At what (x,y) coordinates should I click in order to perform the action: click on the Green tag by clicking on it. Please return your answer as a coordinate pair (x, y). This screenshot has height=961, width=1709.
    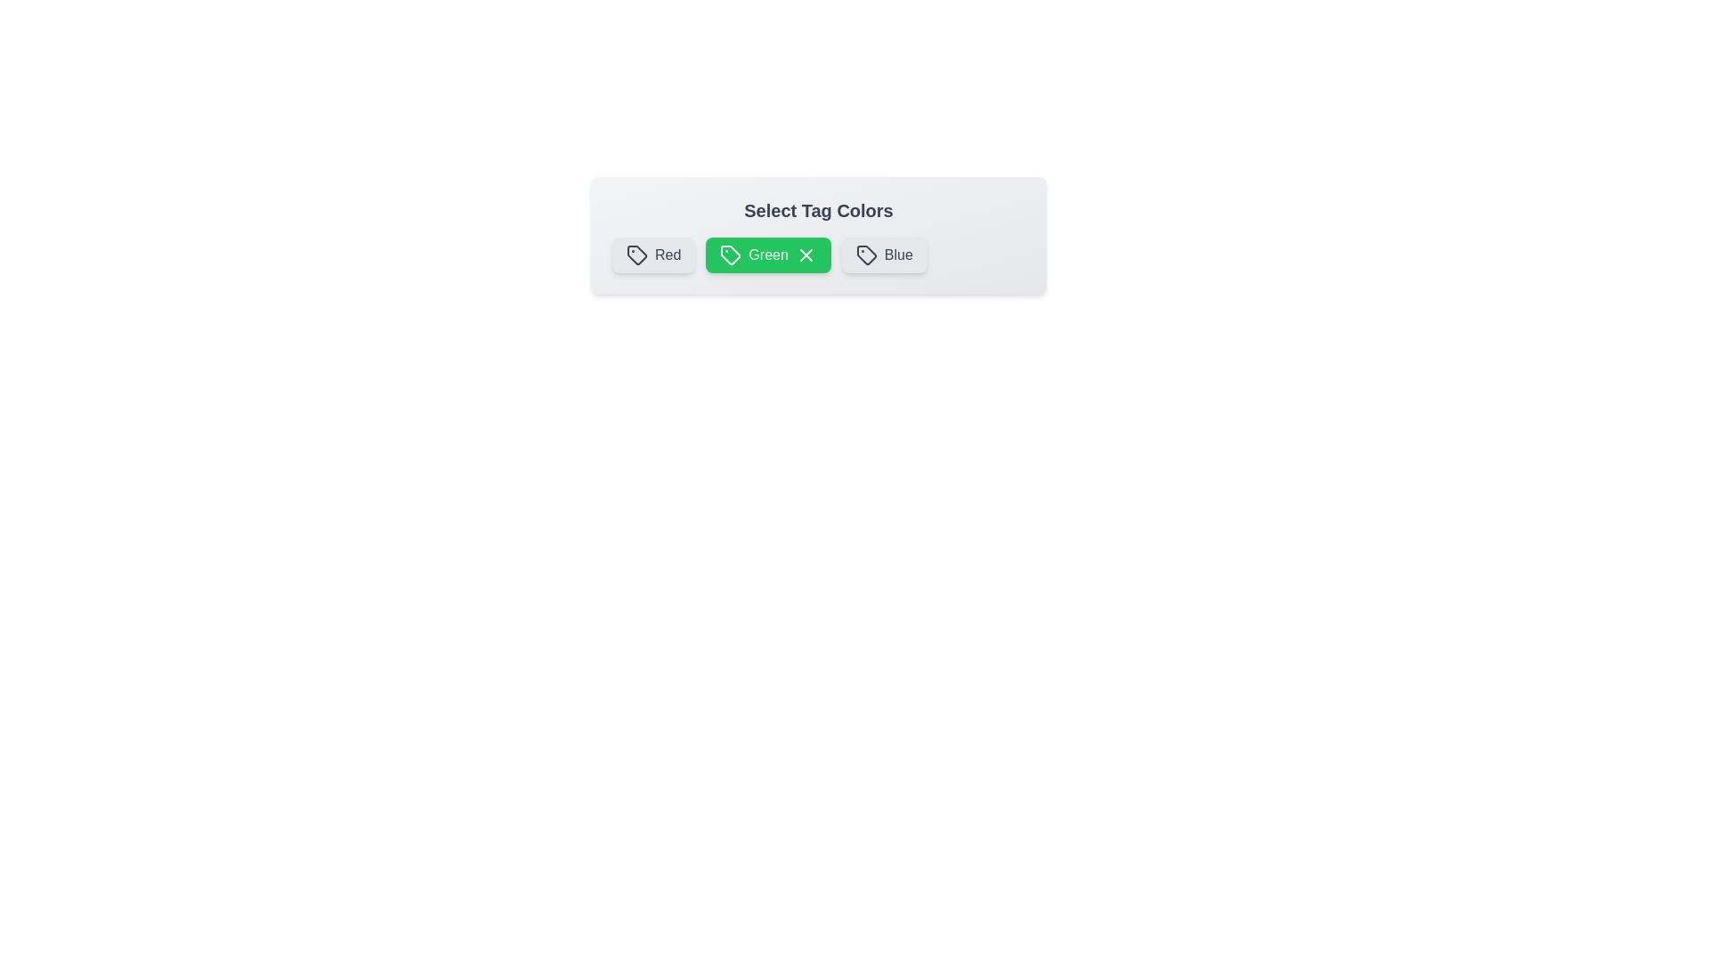
    Looking at the image, I should click on (768, 254).